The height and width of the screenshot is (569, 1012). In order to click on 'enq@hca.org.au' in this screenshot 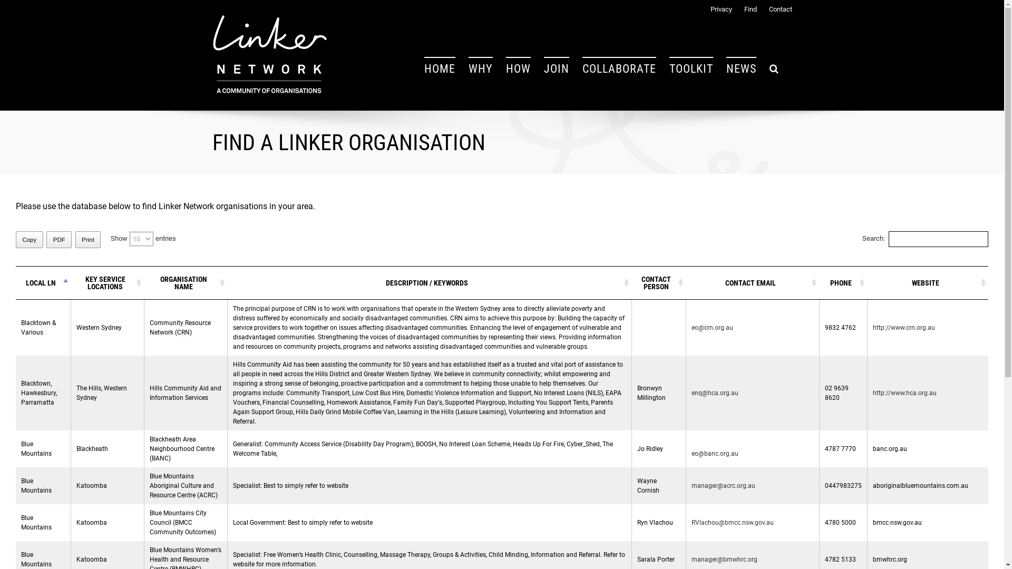, I will do `click(715, 393)`.